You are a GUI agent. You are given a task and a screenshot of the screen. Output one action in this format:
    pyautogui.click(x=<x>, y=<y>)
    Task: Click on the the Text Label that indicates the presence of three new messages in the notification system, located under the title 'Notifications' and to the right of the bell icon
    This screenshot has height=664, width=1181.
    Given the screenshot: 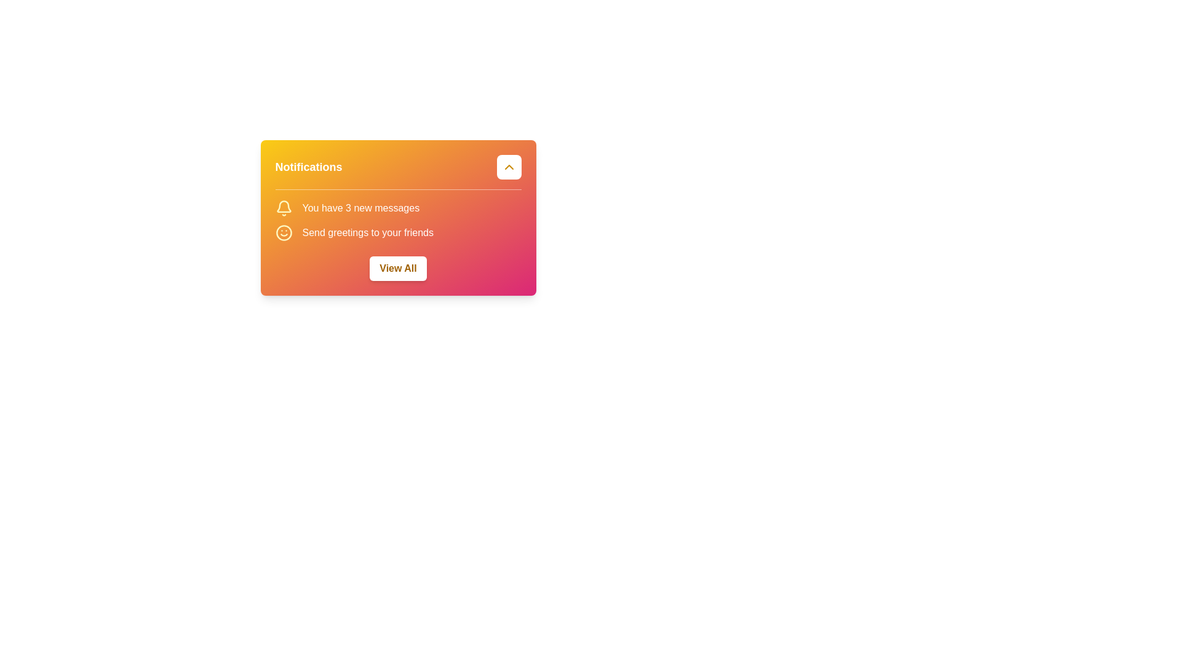 What is the action you would take?
    pyautogui.click(x=360, y=208)
    